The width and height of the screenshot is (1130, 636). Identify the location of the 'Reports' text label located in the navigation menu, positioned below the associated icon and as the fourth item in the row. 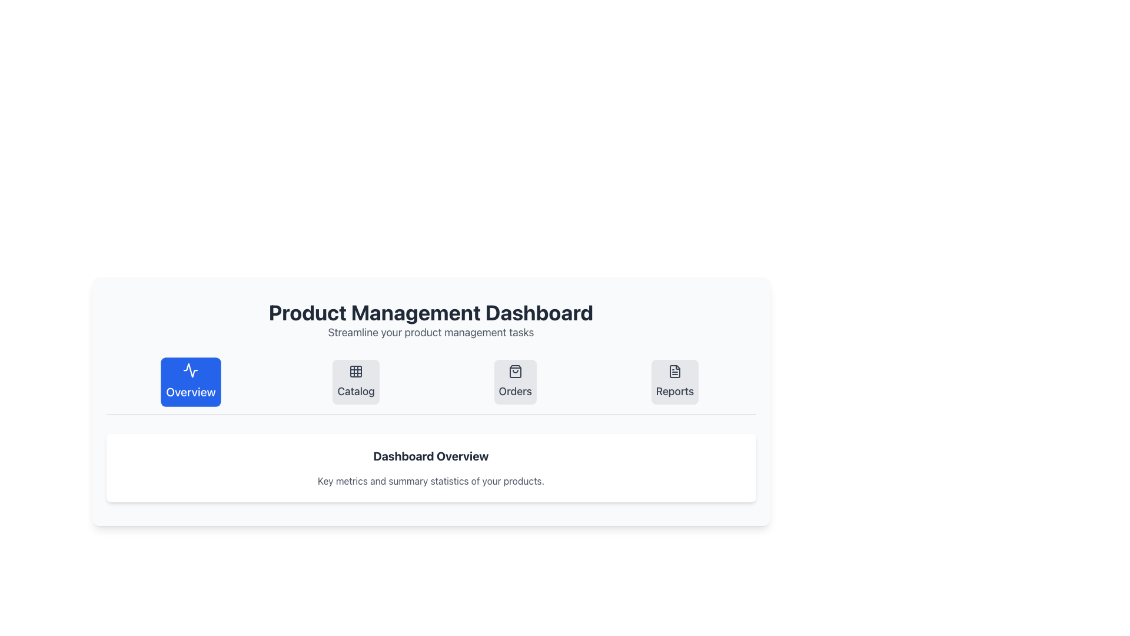
(674, 391).